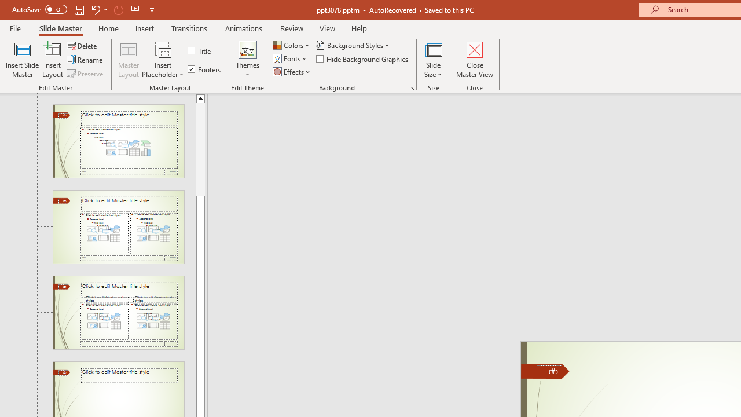  Describe the element at coordinates (353, 45) in the screenshot. I see `'Background Styles'` at that location.